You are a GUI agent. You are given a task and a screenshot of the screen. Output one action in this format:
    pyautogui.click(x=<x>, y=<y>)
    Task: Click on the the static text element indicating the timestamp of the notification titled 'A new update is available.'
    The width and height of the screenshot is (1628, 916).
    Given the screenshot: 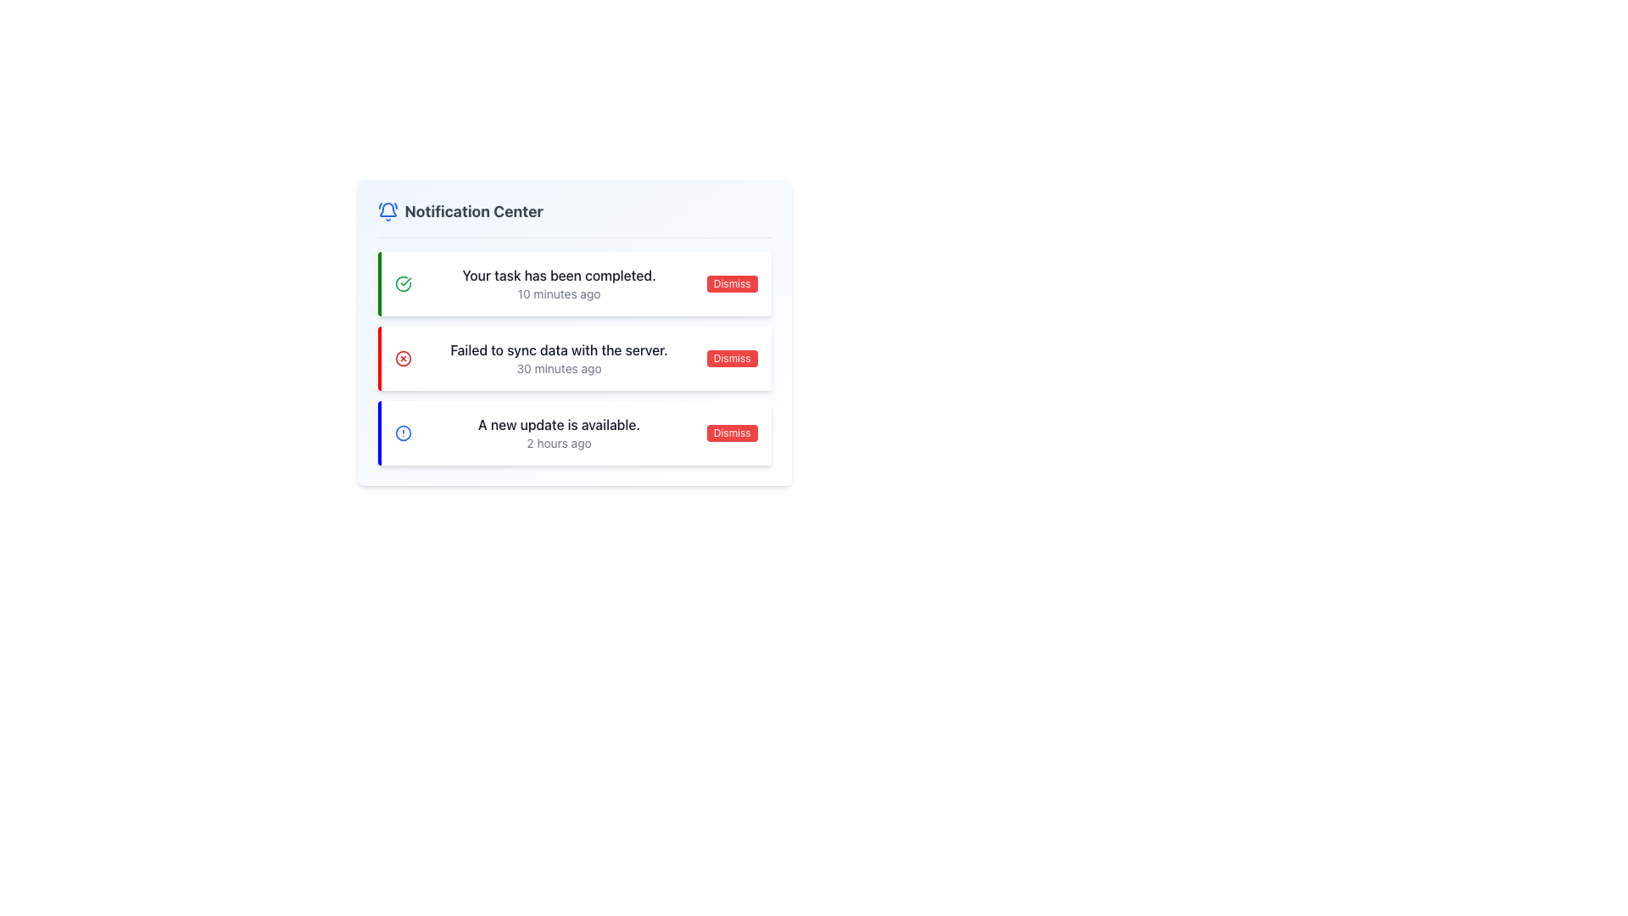 What is the action you would take?
    pyautogui.click(x=559, y=443)
    